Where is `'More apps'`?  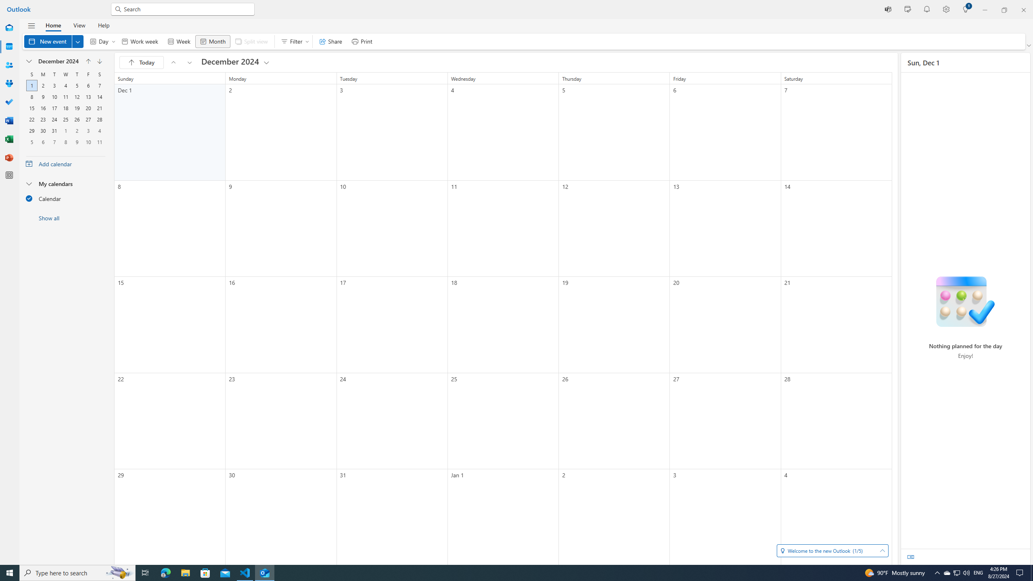
'More apps' is located at coordinates (9, 175).